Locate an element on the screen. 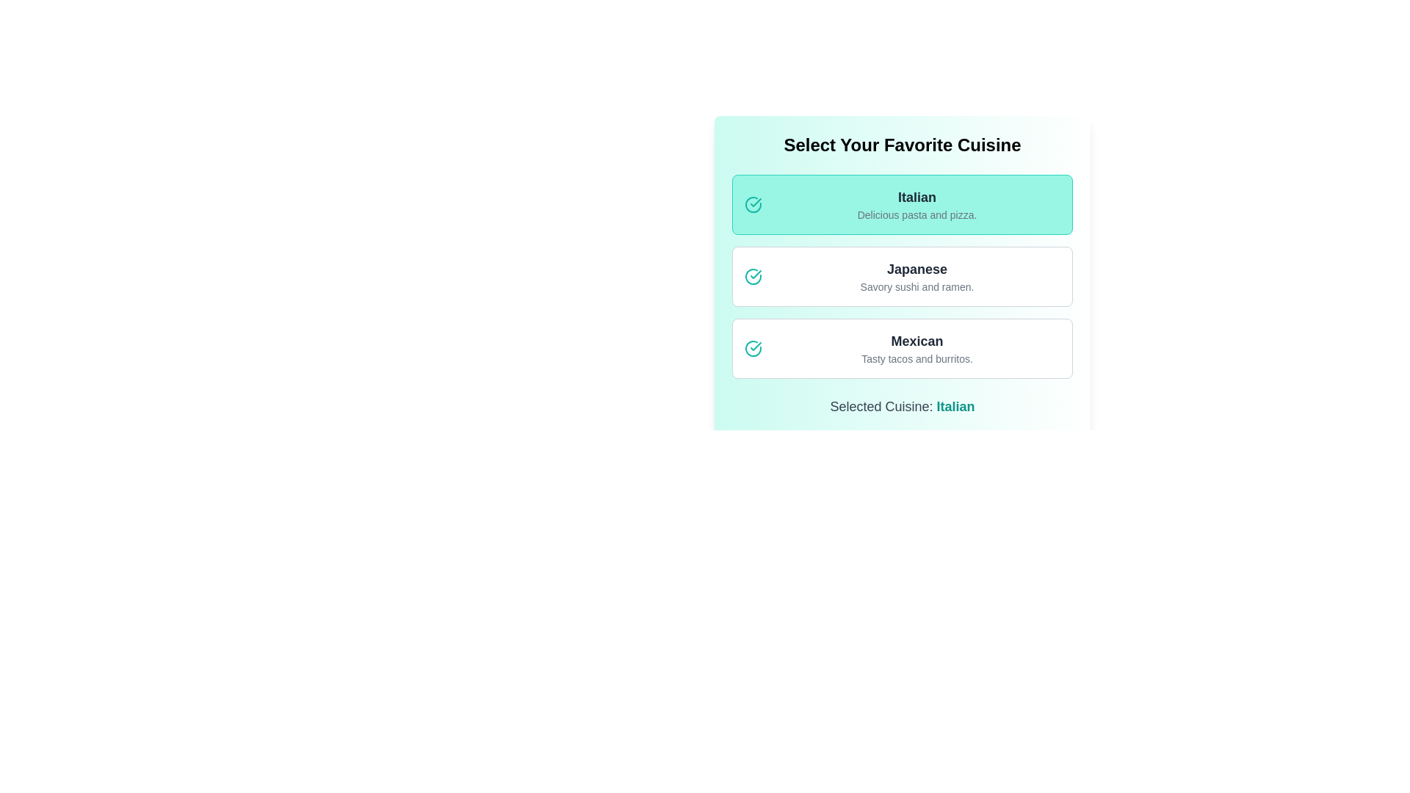 The height and width of the screenshot is (793, 1410). the circular teal check icon that indicates selection for the 'Japanese' choice in the list of options is located at coordinates (753, 277).